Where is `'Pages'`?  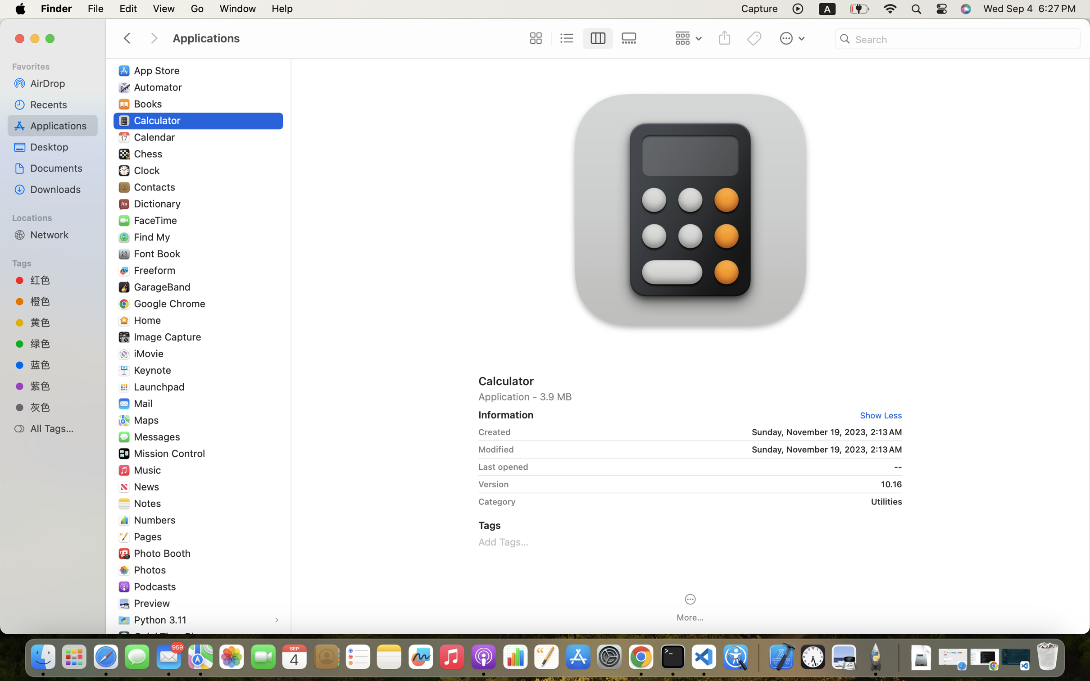 'Pages' is located at coordinates (149, 536).